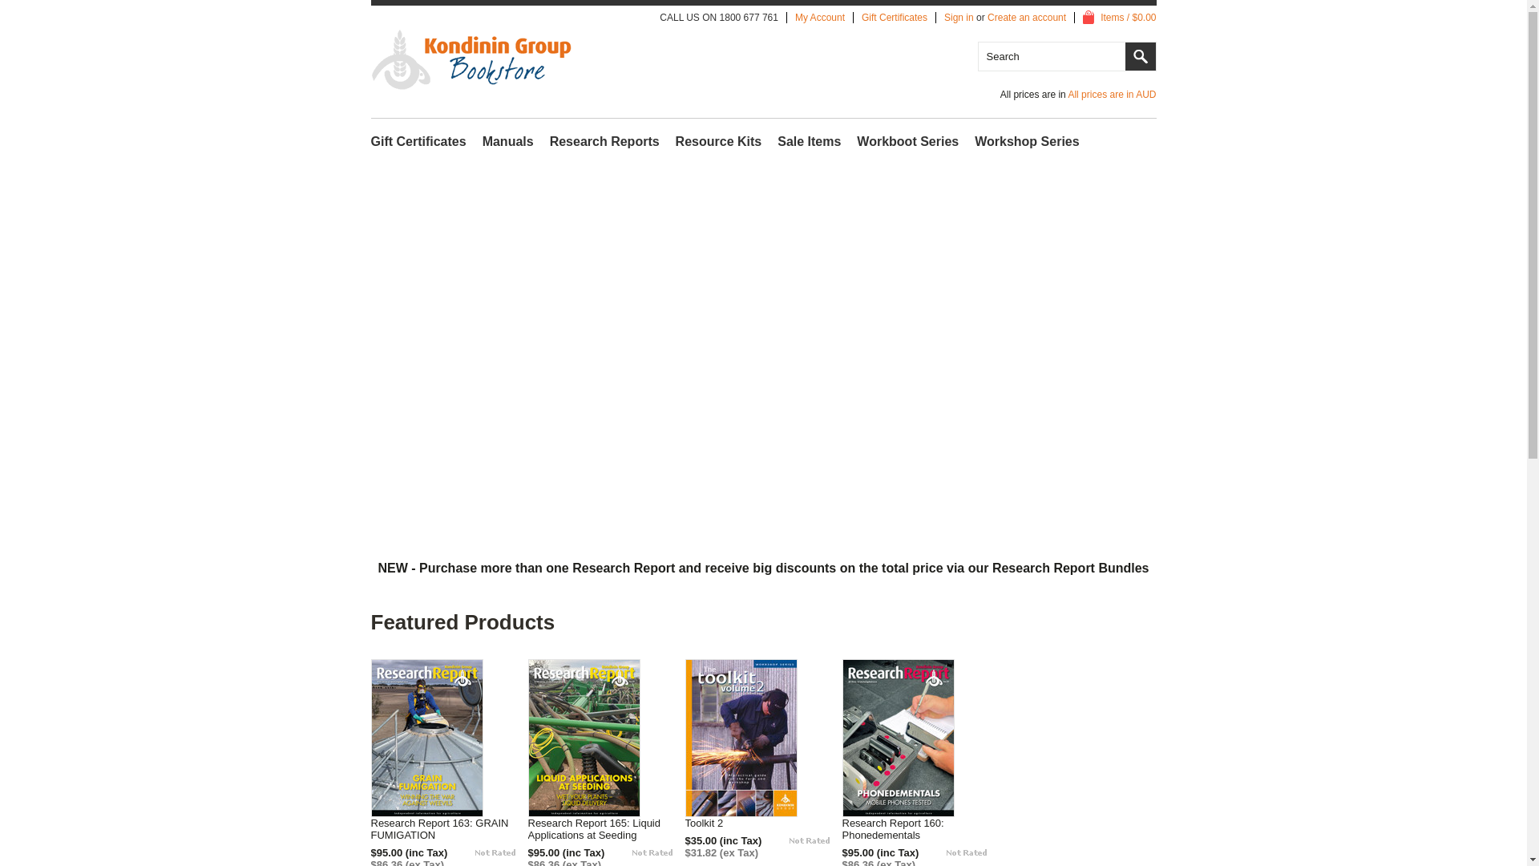  Describe the element at coordinates (959, 18) in the screenshot. I see `'Sign in'` at that location.